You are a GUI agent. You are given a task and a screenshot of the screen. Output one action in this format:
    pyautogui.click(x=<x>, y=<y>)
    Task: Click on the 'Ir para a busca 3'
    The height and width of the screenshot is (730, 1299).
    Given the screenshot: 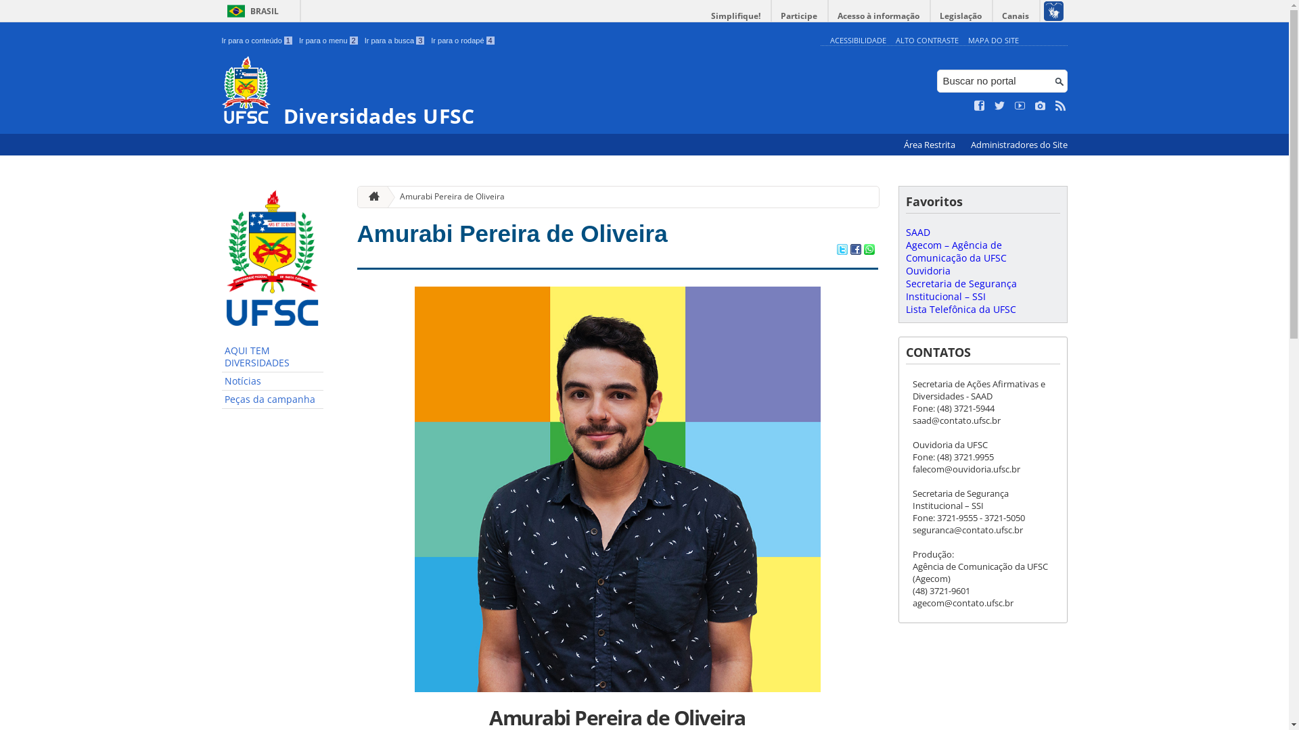 What is the action you would take?
    pyautogui.click(x=394, y=40)
    